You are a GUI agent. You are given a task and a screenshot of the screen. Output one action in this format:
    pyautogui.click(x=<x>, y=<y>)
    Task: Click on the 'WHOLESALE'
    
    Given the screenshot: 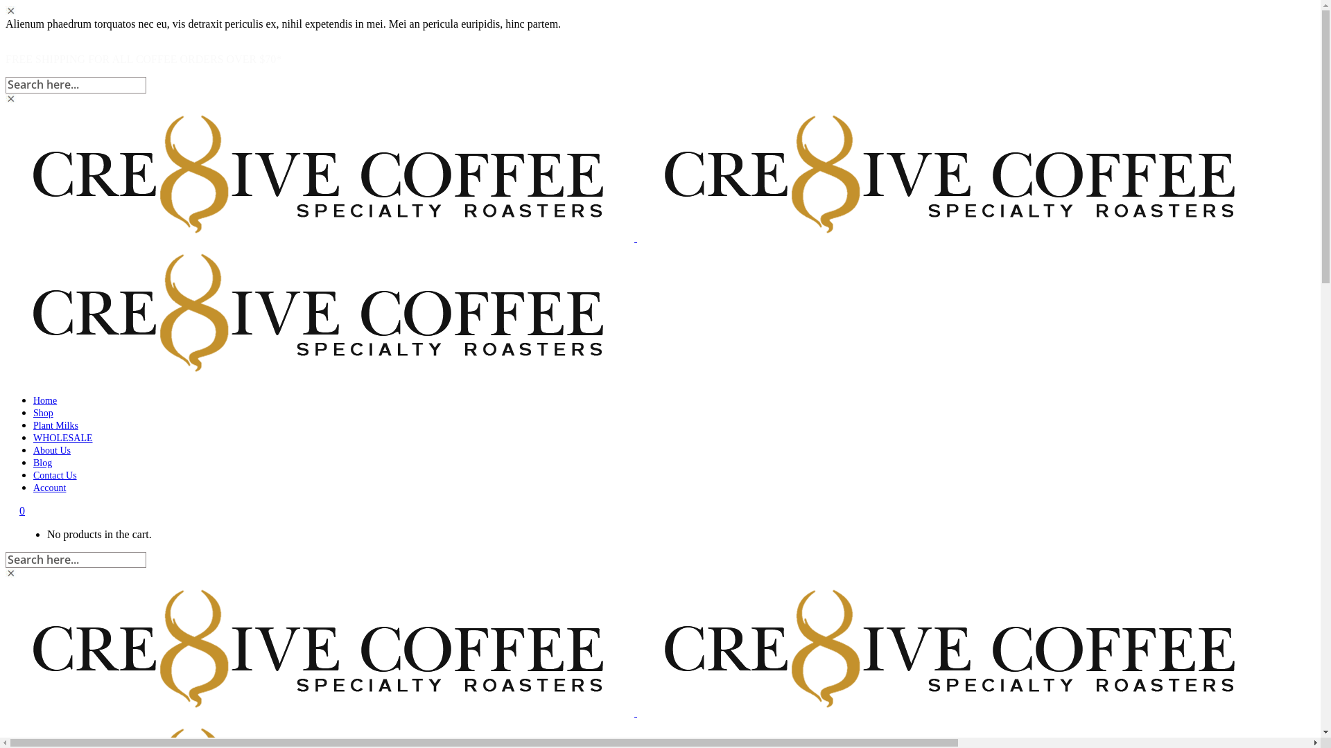 What is the action you would take?
    pyautogui.click(x=62, y=438)
    